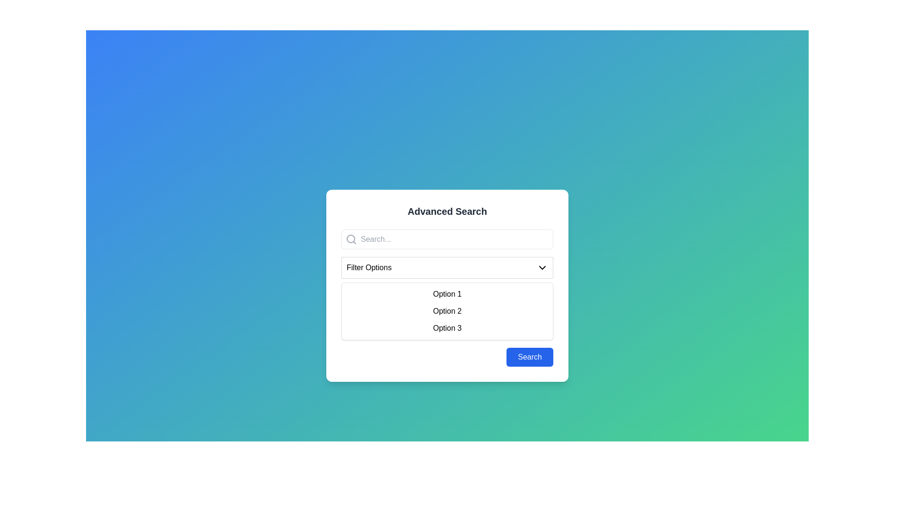 The width and height of the screenshot is (908, 511). I want to click on the 'Option 1' in the dropdown menu options located beneath the 'Filter Options' dropdown and above the blue 'Search' button, so click(446, 285).